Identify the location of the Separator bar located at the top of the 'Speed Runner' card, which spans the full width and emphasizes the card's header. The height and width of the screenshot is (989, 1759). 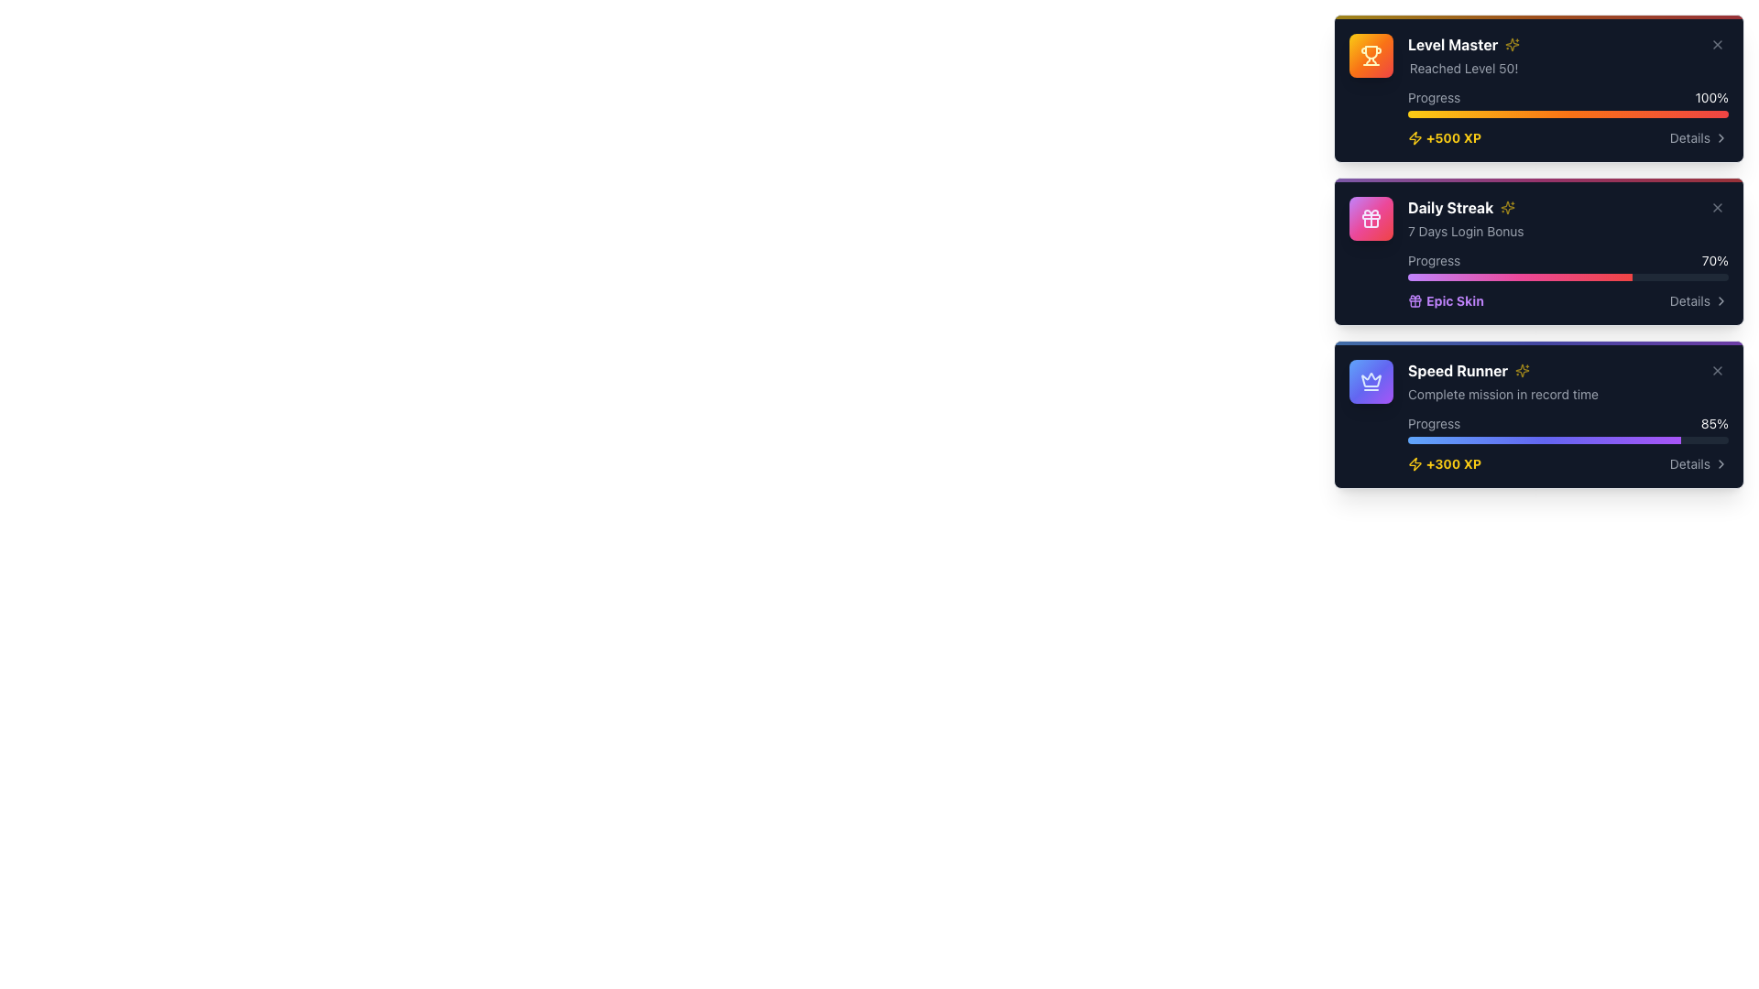
(1539, 342).